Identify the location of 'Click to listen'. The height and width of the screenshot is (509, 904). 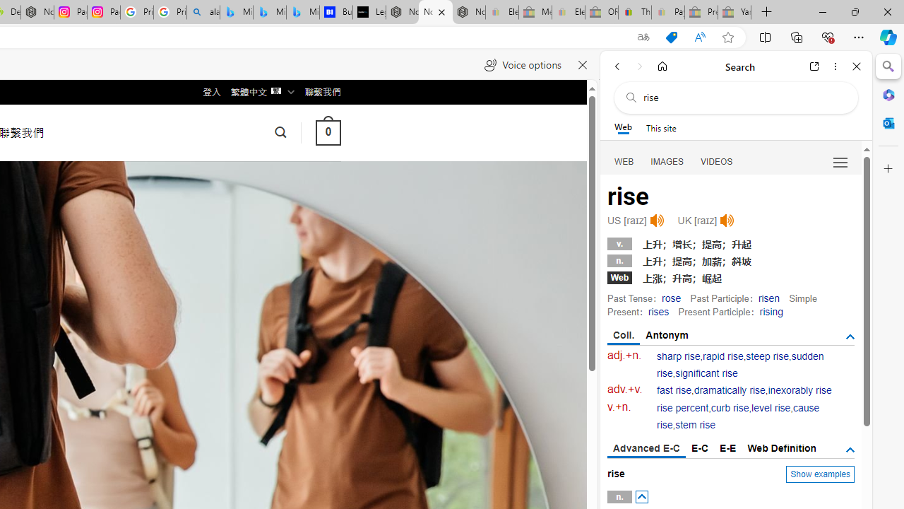
(727, 221).